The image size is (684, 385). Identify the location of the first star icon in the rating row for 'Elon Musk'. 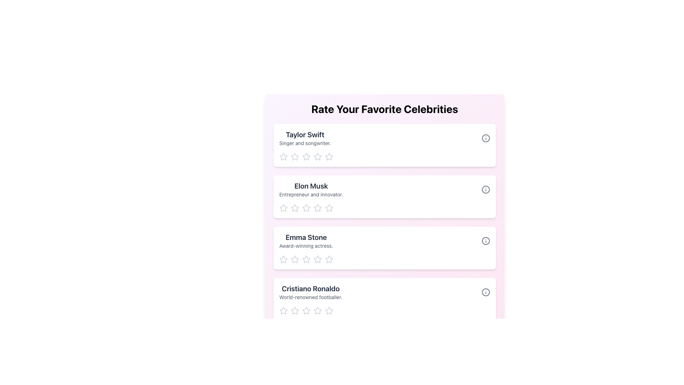
(295, 208).